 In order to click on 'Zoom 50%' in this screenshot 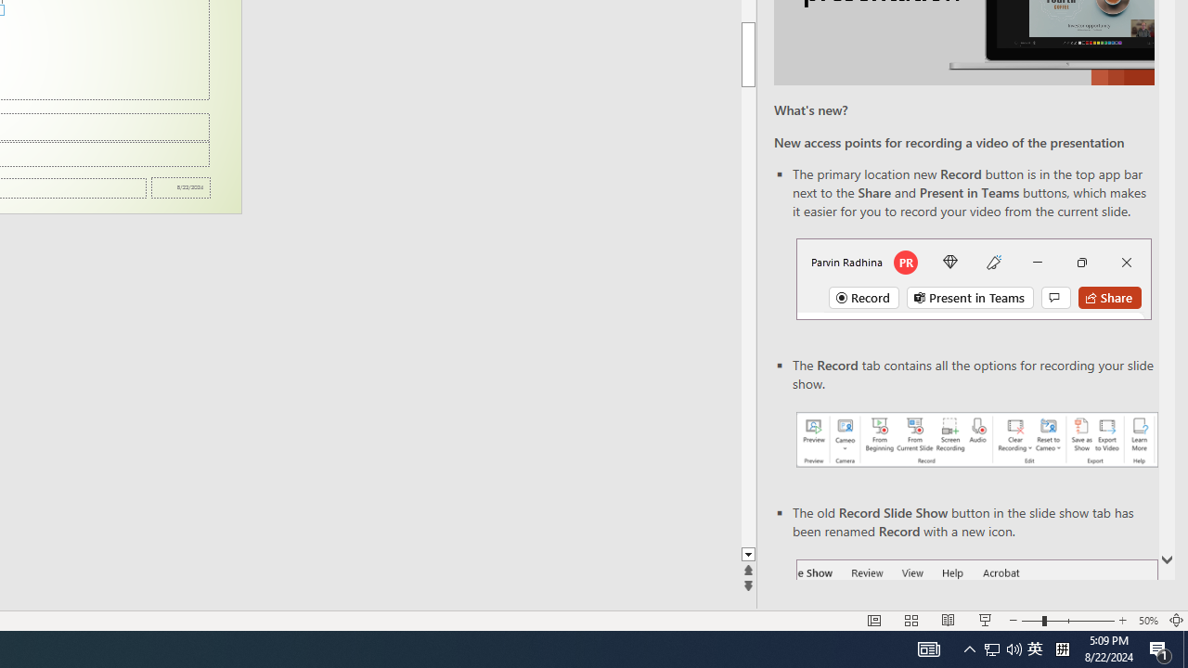, I will do `click(1147, 621)`.